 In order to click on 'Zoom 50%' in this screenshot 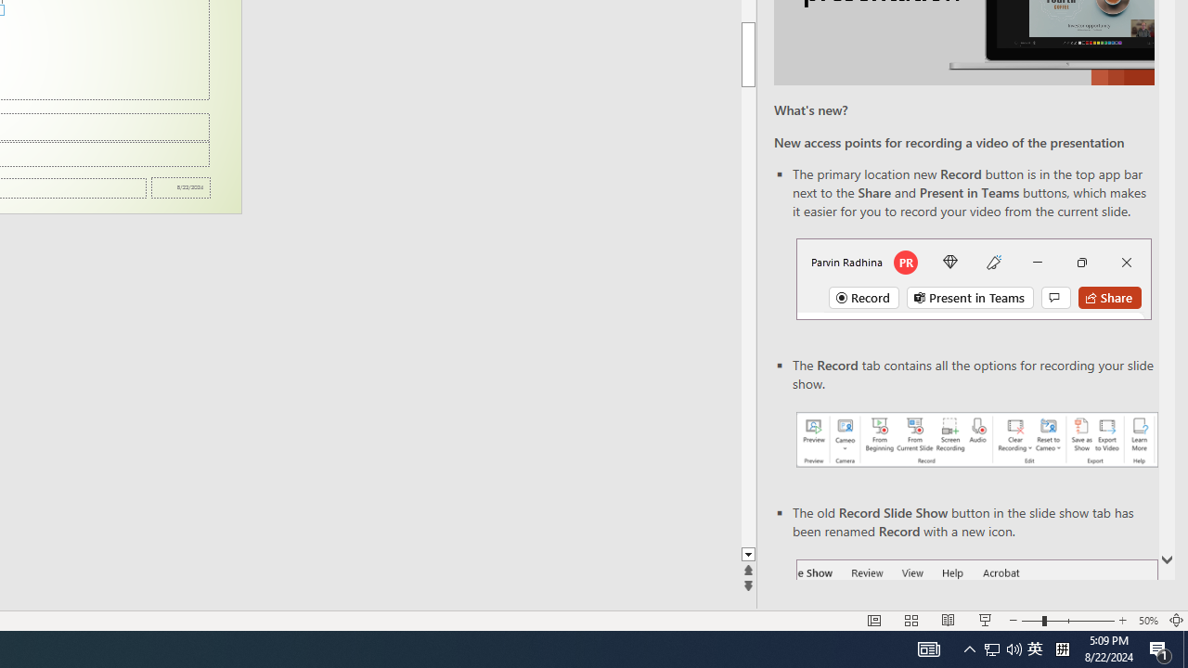, I will do `click(1147, 621)`.